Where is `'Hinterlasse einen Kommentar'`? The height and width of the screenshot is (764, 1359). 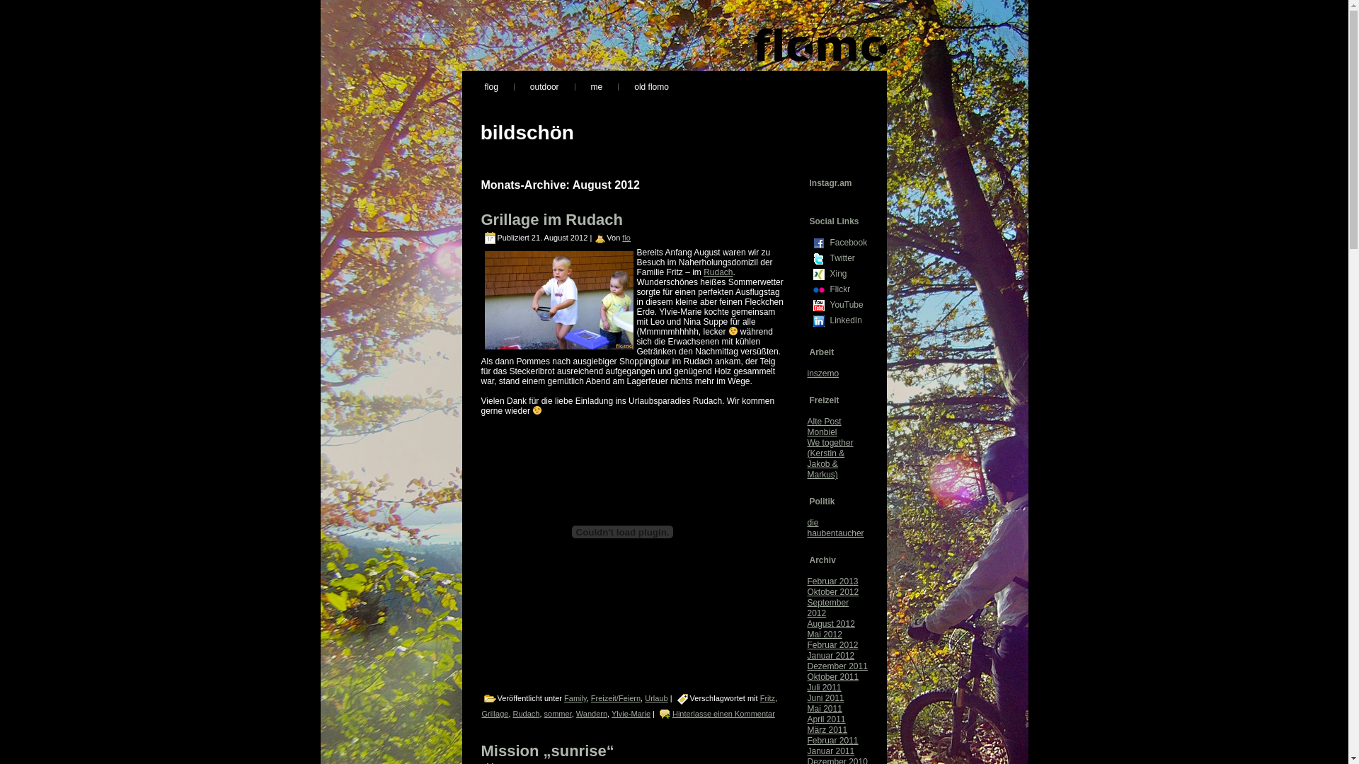 'Hinterlasse einen Kommentar' is located at coordinates (723, 714).